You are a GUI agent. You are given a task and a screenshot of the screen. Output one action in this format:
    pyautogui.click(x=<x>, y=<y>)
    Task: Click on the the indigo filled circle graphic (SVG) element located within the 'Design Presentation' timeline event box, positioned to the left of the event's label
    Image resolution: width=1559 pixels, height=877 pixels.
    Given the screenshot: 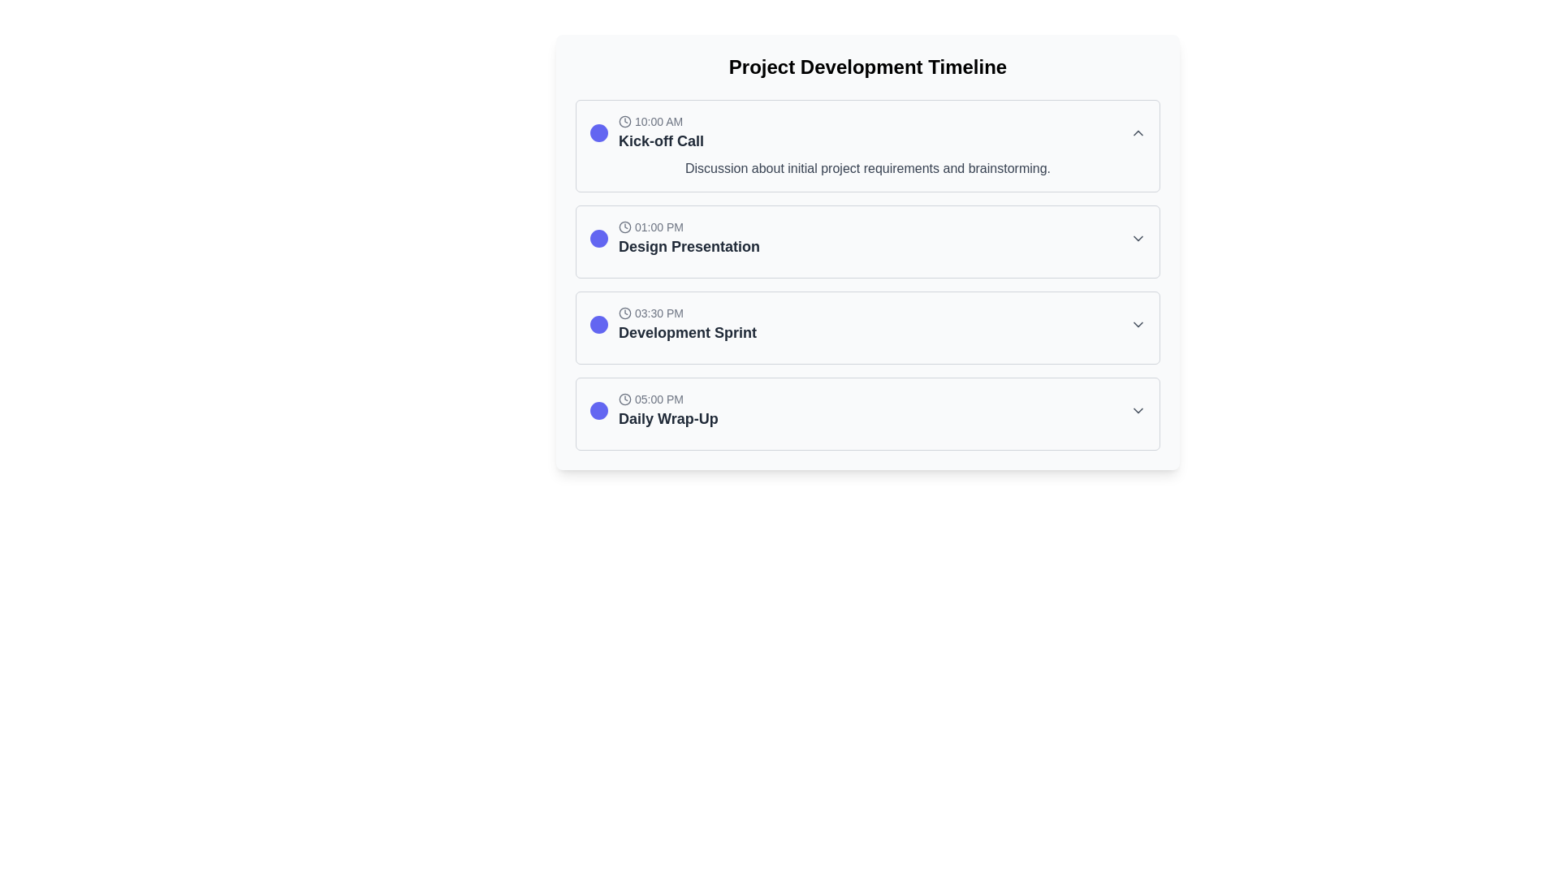 What is the action you would take?
    pyautogui.click(x=598, y=238)
    